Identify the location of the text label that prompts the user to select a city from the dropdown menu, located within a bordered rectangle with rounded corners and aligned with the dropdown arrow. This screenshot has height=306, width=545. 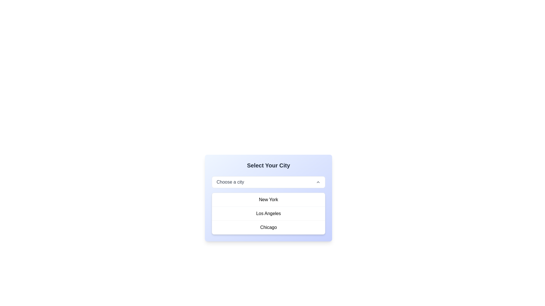
(230, 182).